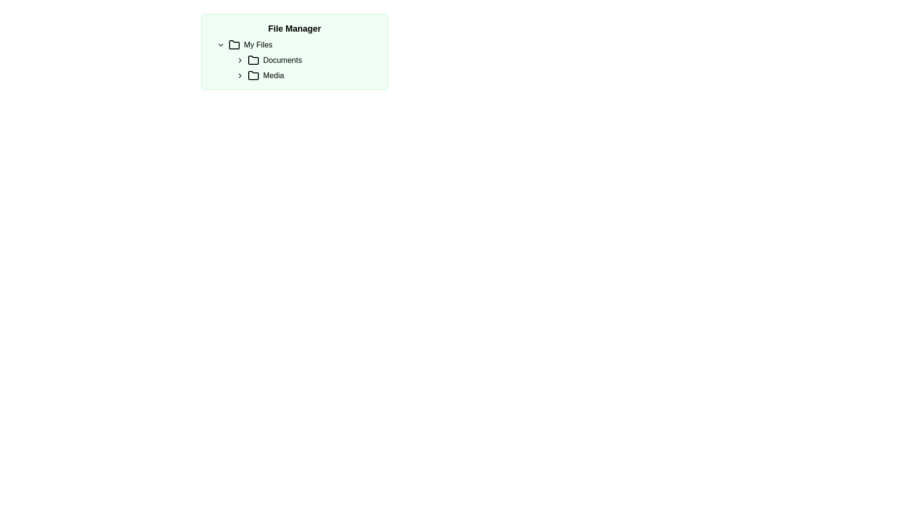 The image size is (922, 518). Describe the element at coordinates (294, 28) in the screenshot. I see `the bold, black 'File Manager' text header located at the top-right corner of the folder navigation interface, which has a light green background and rounded corners` at that location.